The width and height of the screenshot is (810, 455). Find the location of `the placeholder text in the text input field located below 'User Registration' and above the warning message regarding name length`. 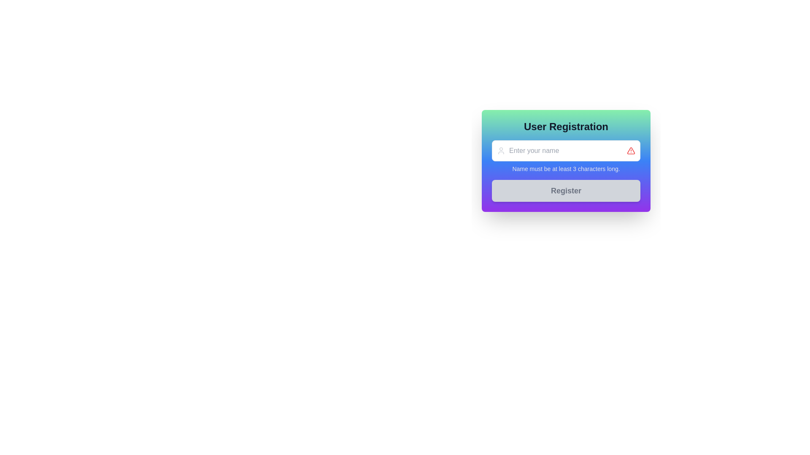

the placeholder text in the text input field located below 'User Registration' and above the warning message regarding name length is located at coordinates (566, 150).